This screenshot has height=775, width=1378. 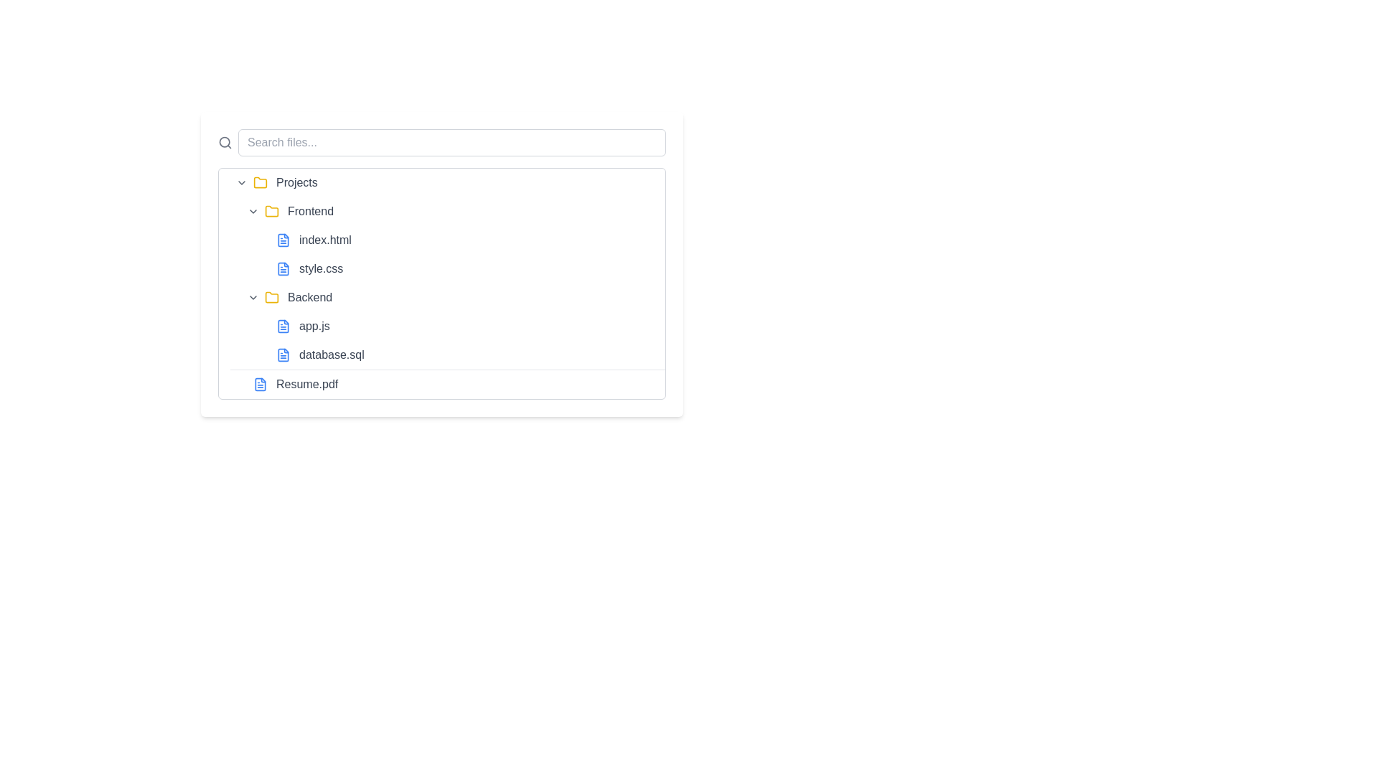 What do you see at coordinates (314, 327) in the screenshot?
I see `the text label 'app.js' in the file explorer interface to focus or select it` at bounding box center [314, 327].